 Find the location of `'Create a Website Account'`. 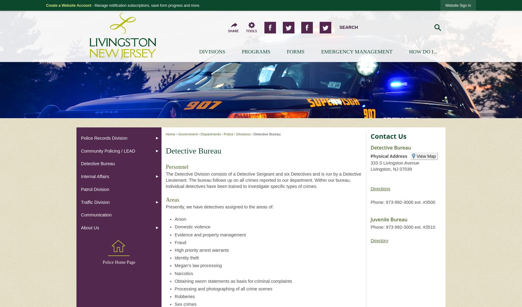

'Create a Website Account' is located at coordinates (68, 6).